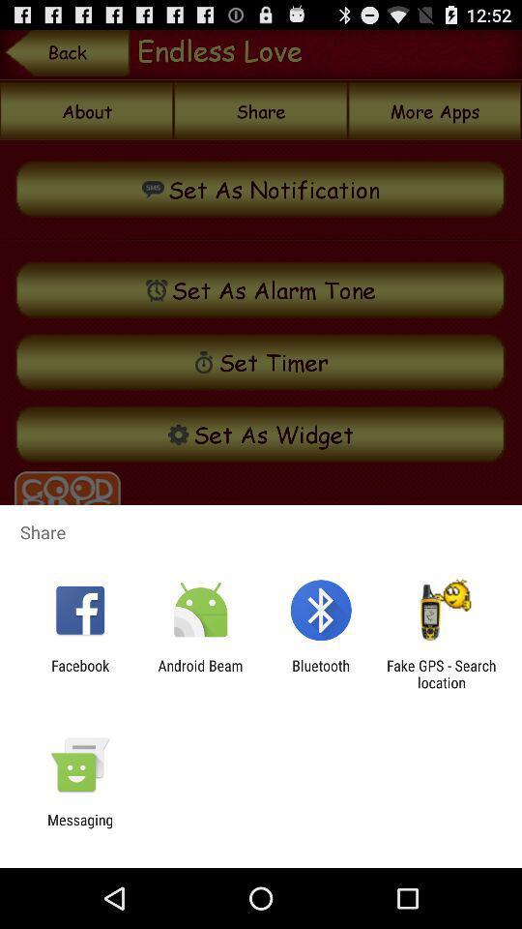 The image size is (522, 929). What do you see at coordinates (199, 674) in the screenshot?
I see `the icon next to the facebook icon` at bounding box center [199, 674].